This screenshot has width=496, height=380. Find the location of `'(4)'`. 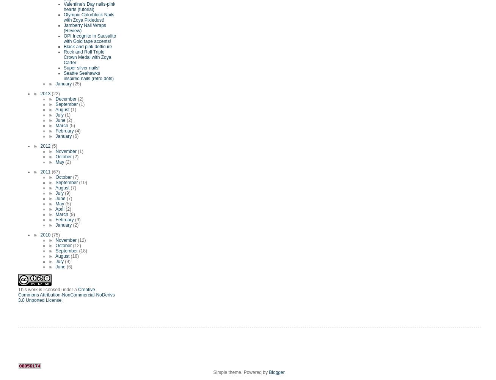

'(4)' is located at coordinates (77, 131).